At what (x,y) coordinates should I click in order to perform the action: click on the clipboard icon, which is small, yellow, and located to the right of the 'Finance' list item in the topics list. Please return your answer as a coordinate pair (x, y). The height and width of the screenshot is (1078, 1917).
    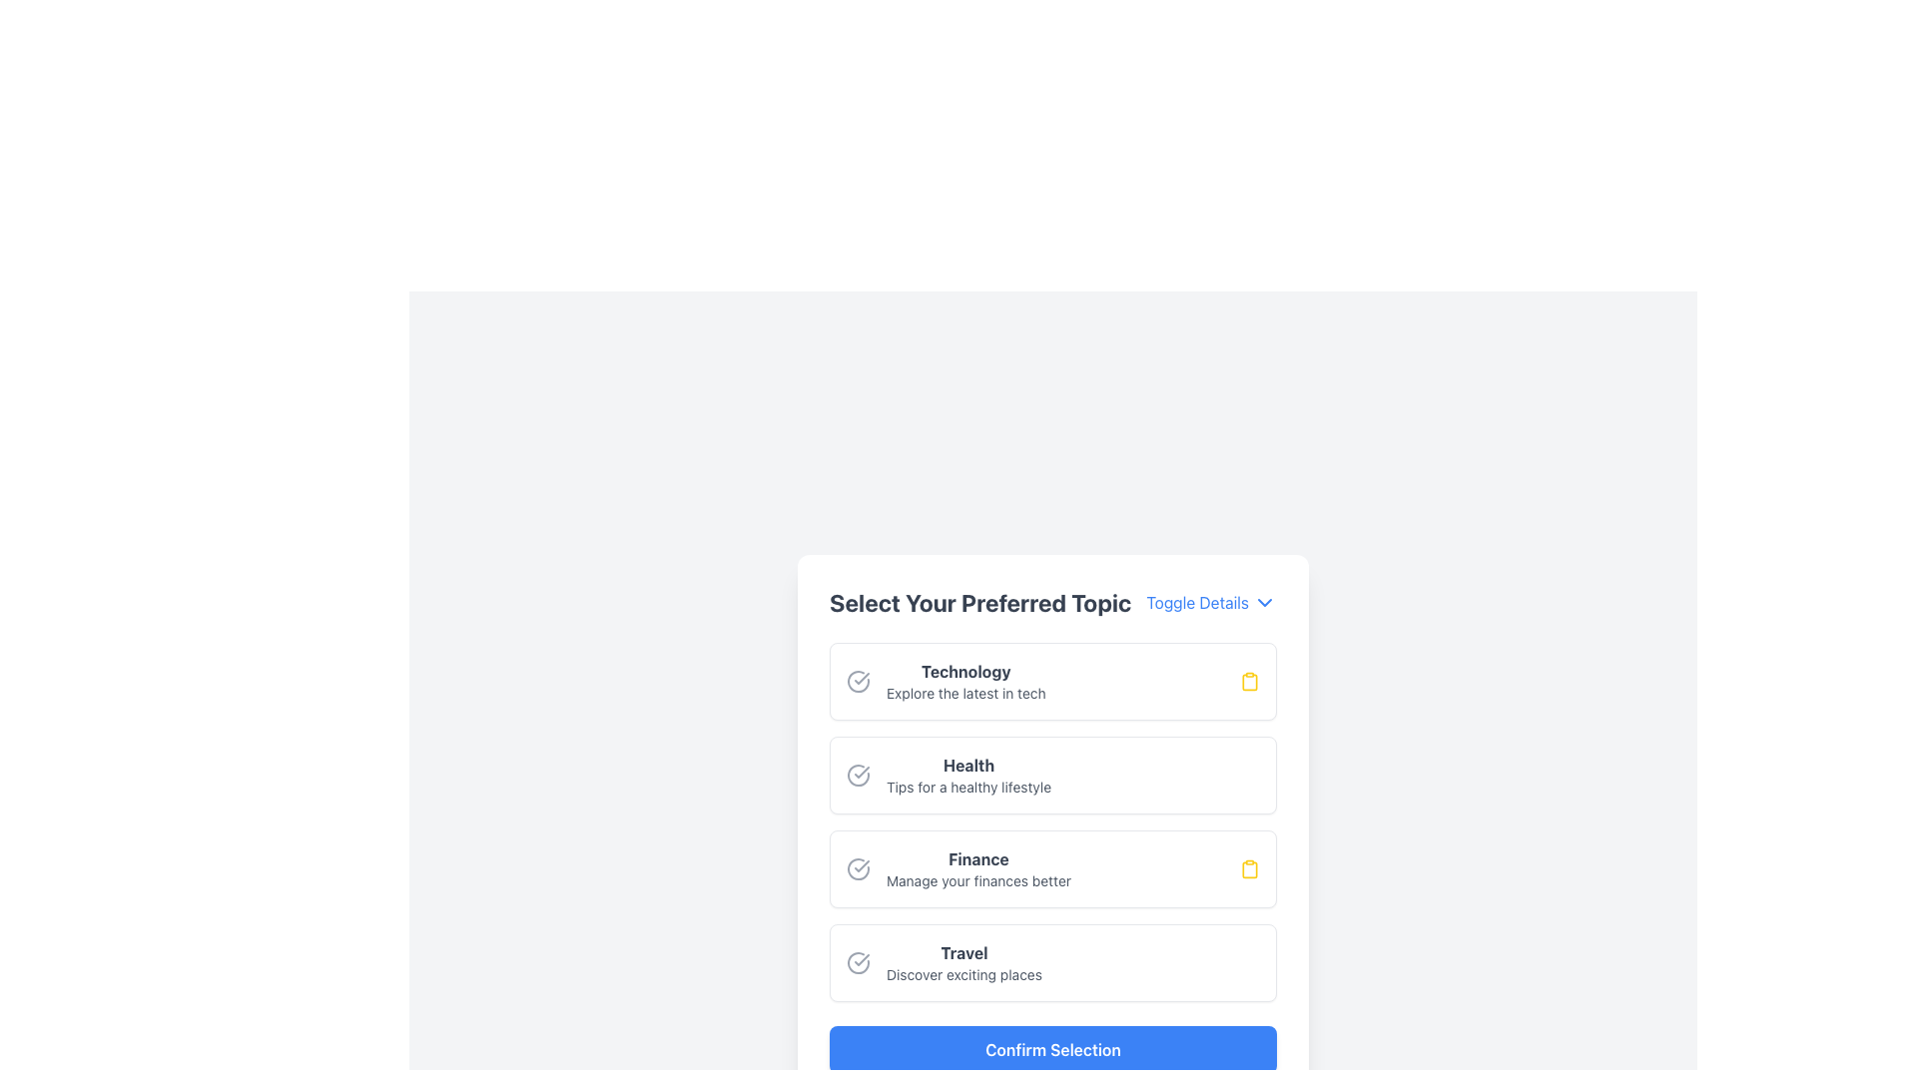
    Looking at the image, I should click on (1249, 868).